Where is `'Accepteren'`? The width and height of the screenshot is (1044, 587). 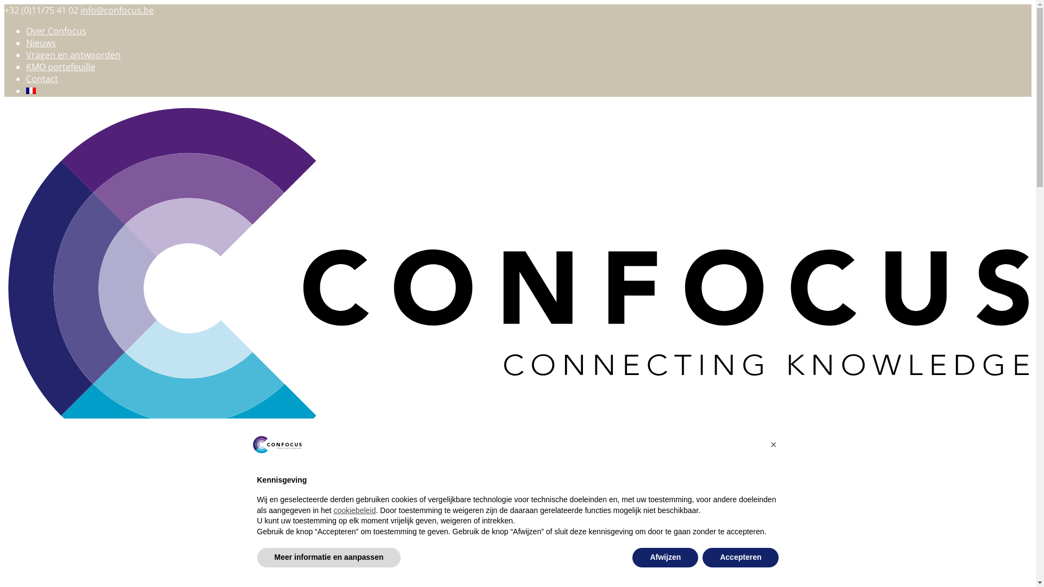 'Accepteren' is located at coordinates (740, 558).